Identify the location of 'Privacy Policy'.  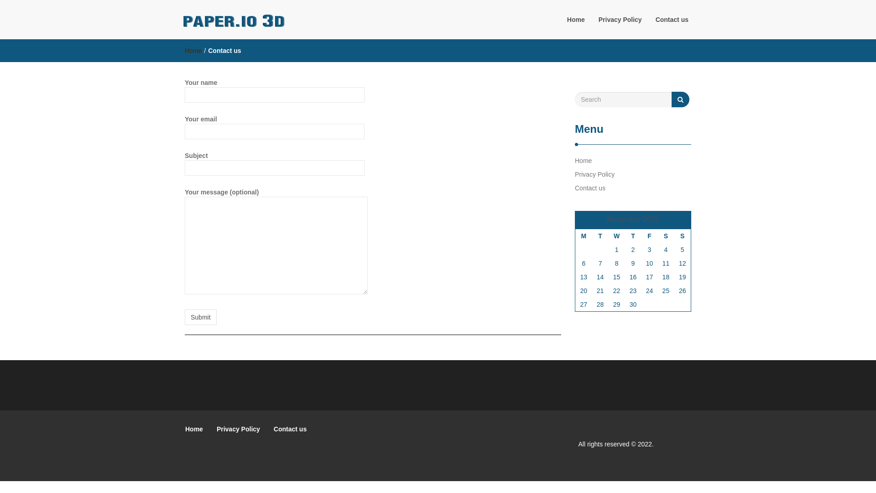
(209, 429).